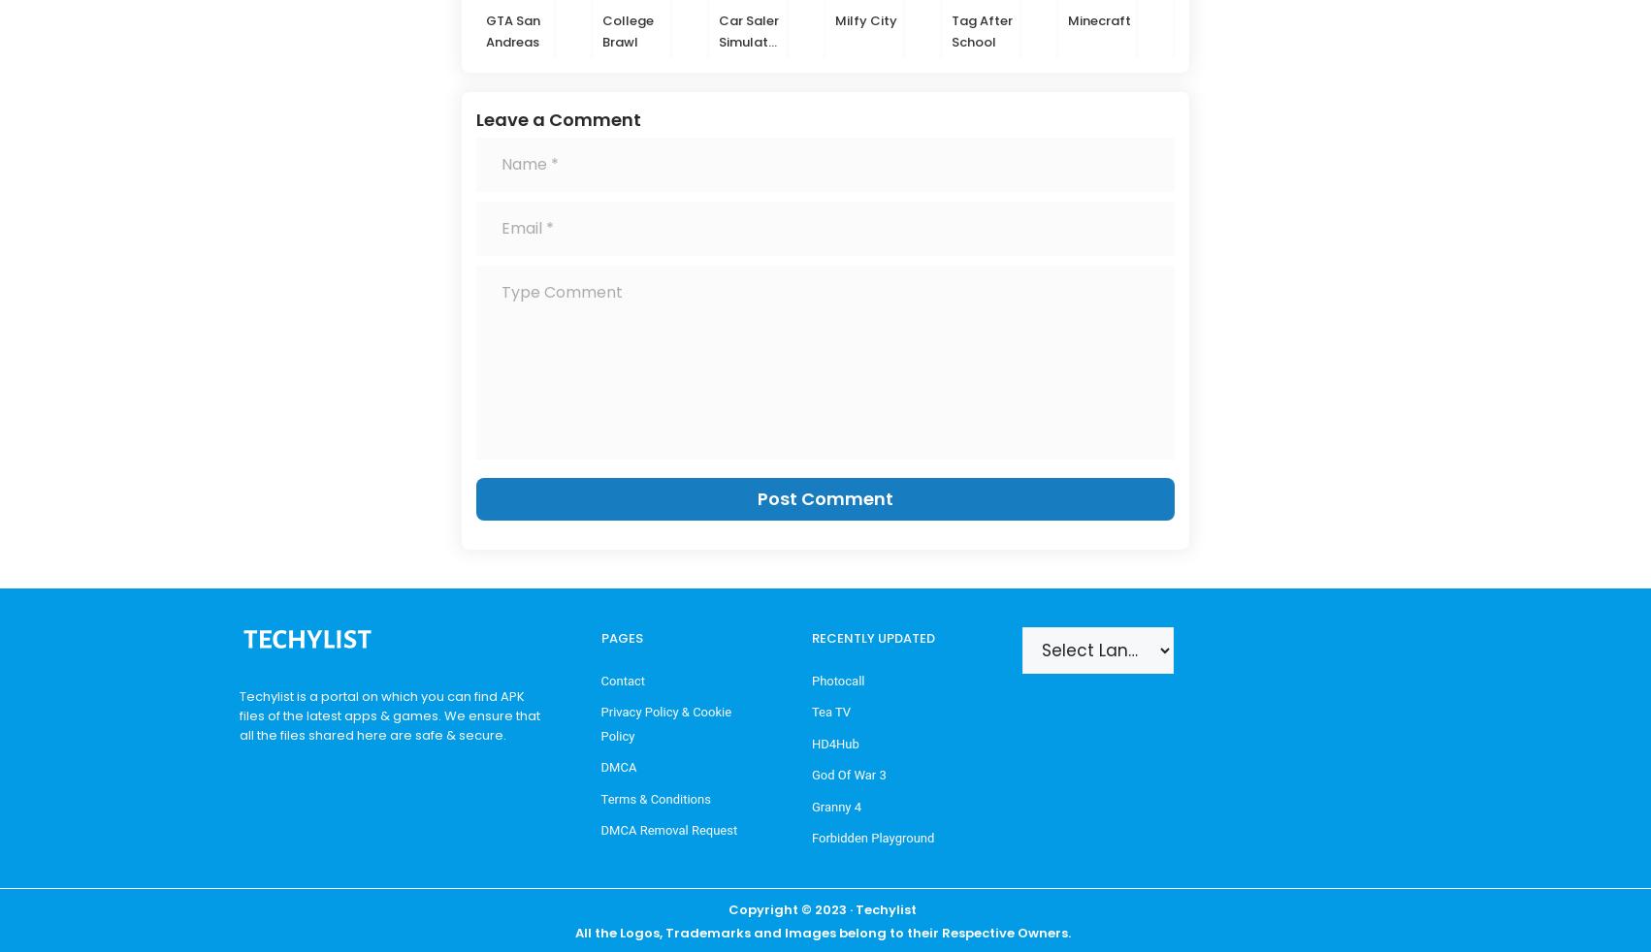  Describe the element at coordinates (872, 837) in the screenshot. I see `'Forbidden Playground'` at that location.